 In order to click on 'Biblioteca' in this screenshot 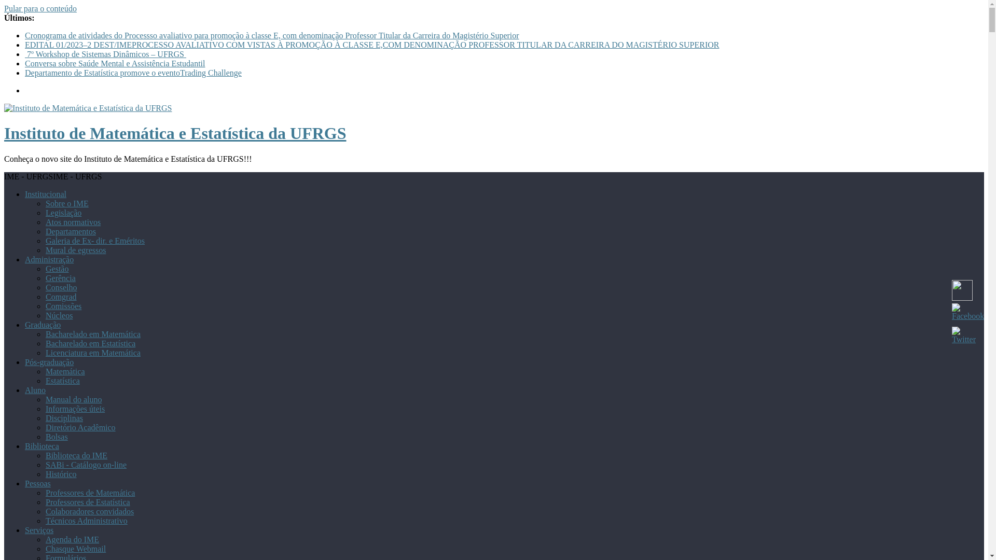, I will do `click(41, 445)`.